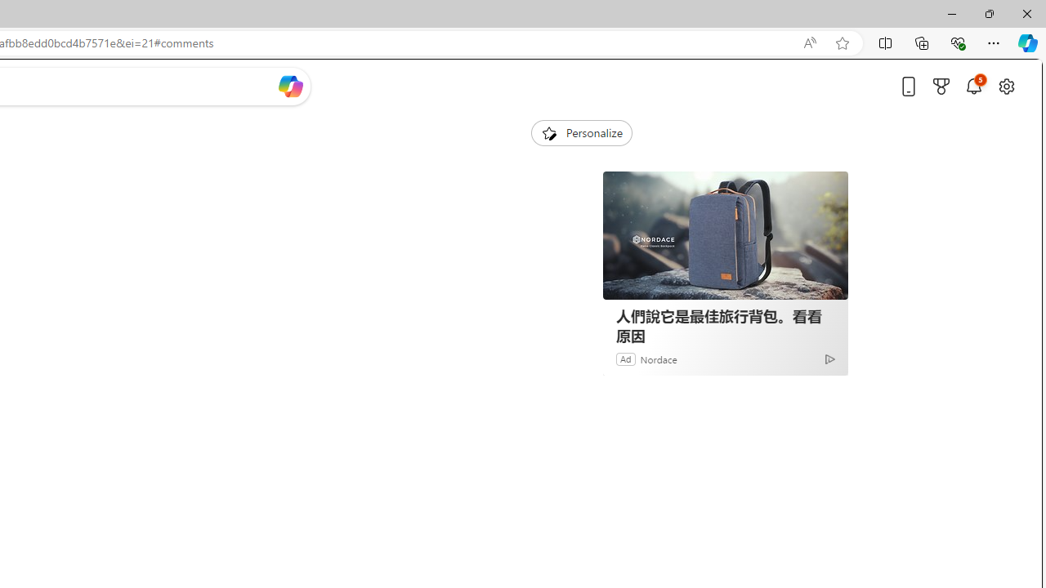 The height and width of the screenshot is (588, 1046). Describe the element at coordinates (548, 131) in the screenshot. I see `'To get missing image descriptions, open the context menu.'` at that location.